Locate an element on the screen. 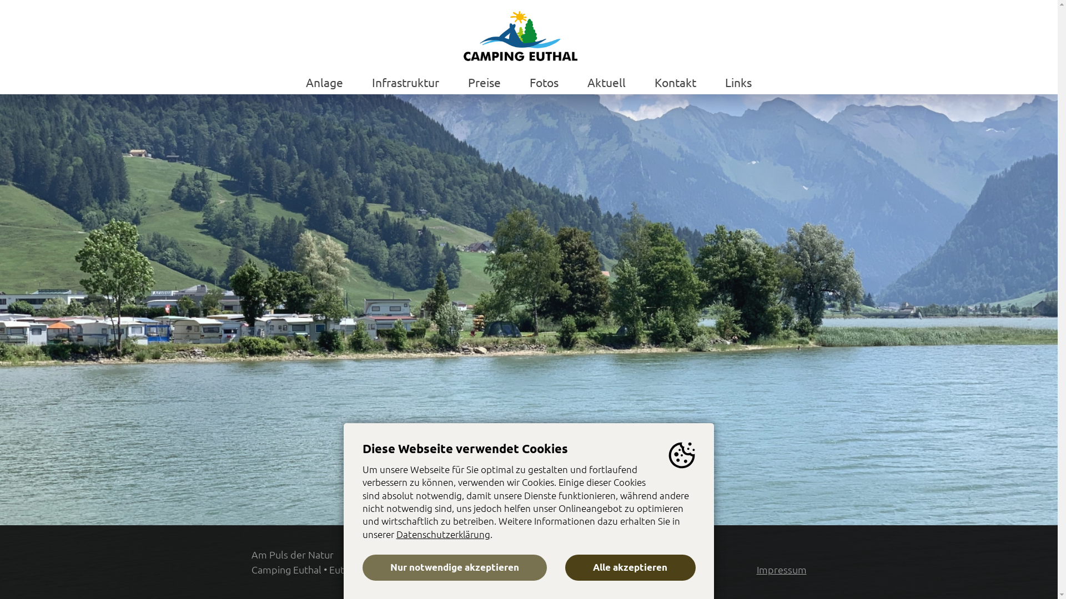  'Aktuell' is located at coordinates (606, 81).